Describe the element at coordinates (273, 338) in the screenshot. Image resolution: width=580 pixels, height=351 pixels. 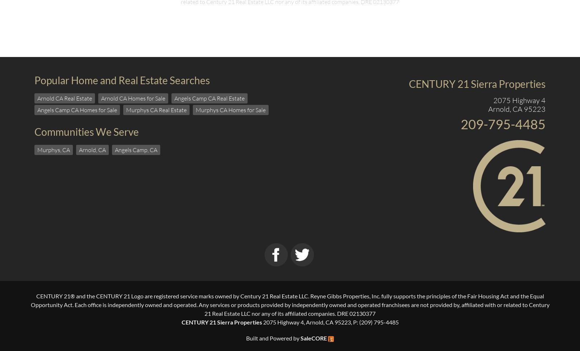
I see `'Built and Powered by'` at that location.